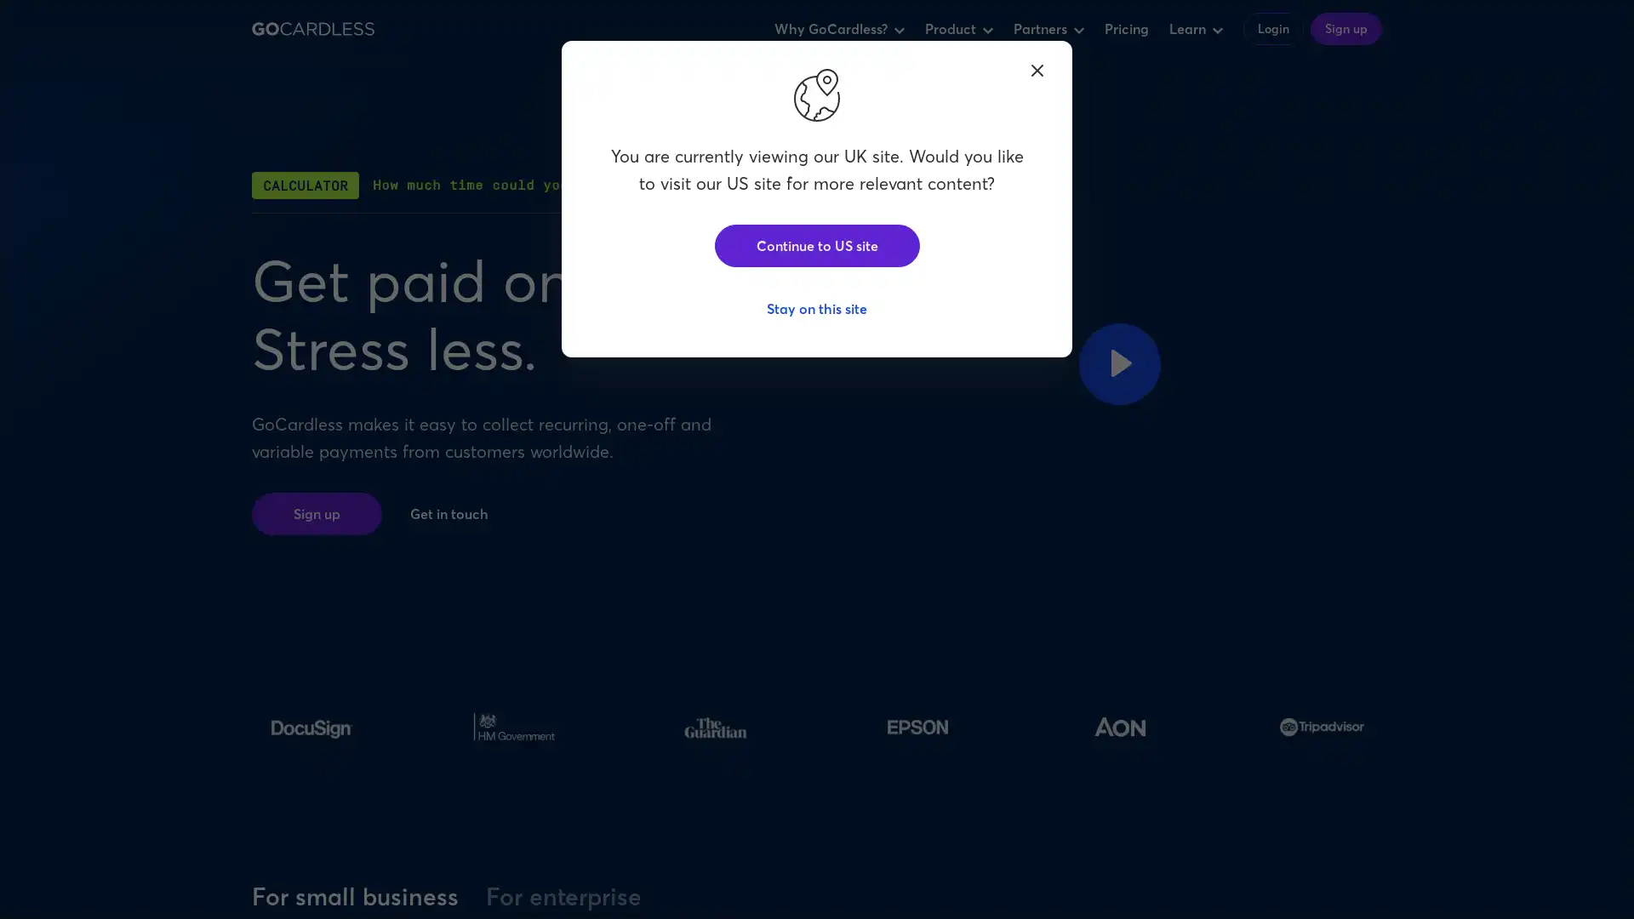  Describe the element at coordinates (959, 29) in the screenshot. I see `Product` at that location.